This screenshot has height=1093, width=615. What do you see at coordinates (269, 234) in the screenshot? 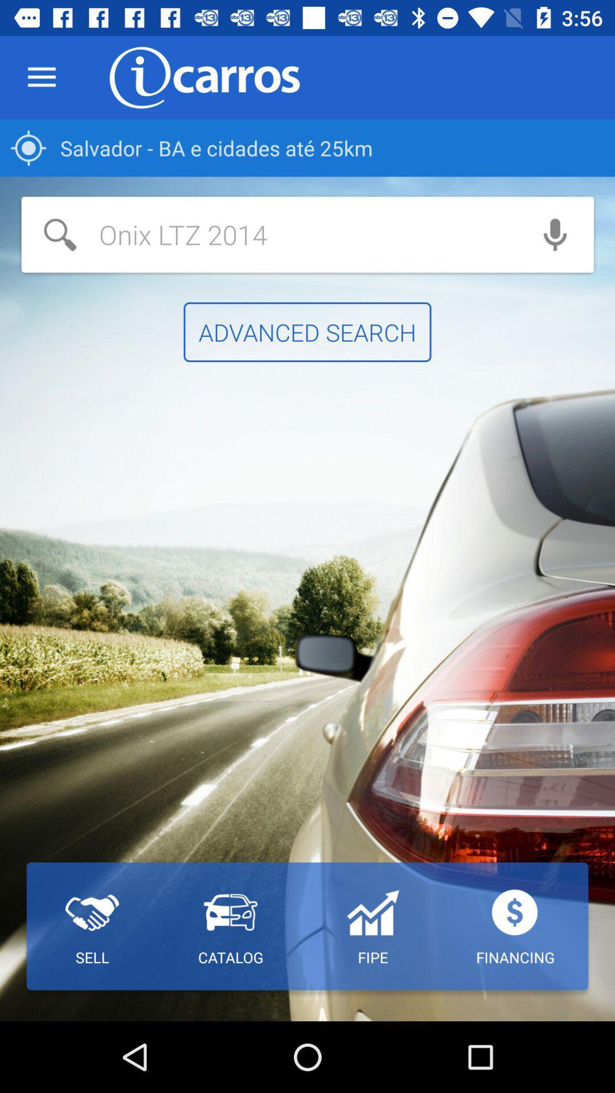
I see `open text field` at bounding box center [269, 234].